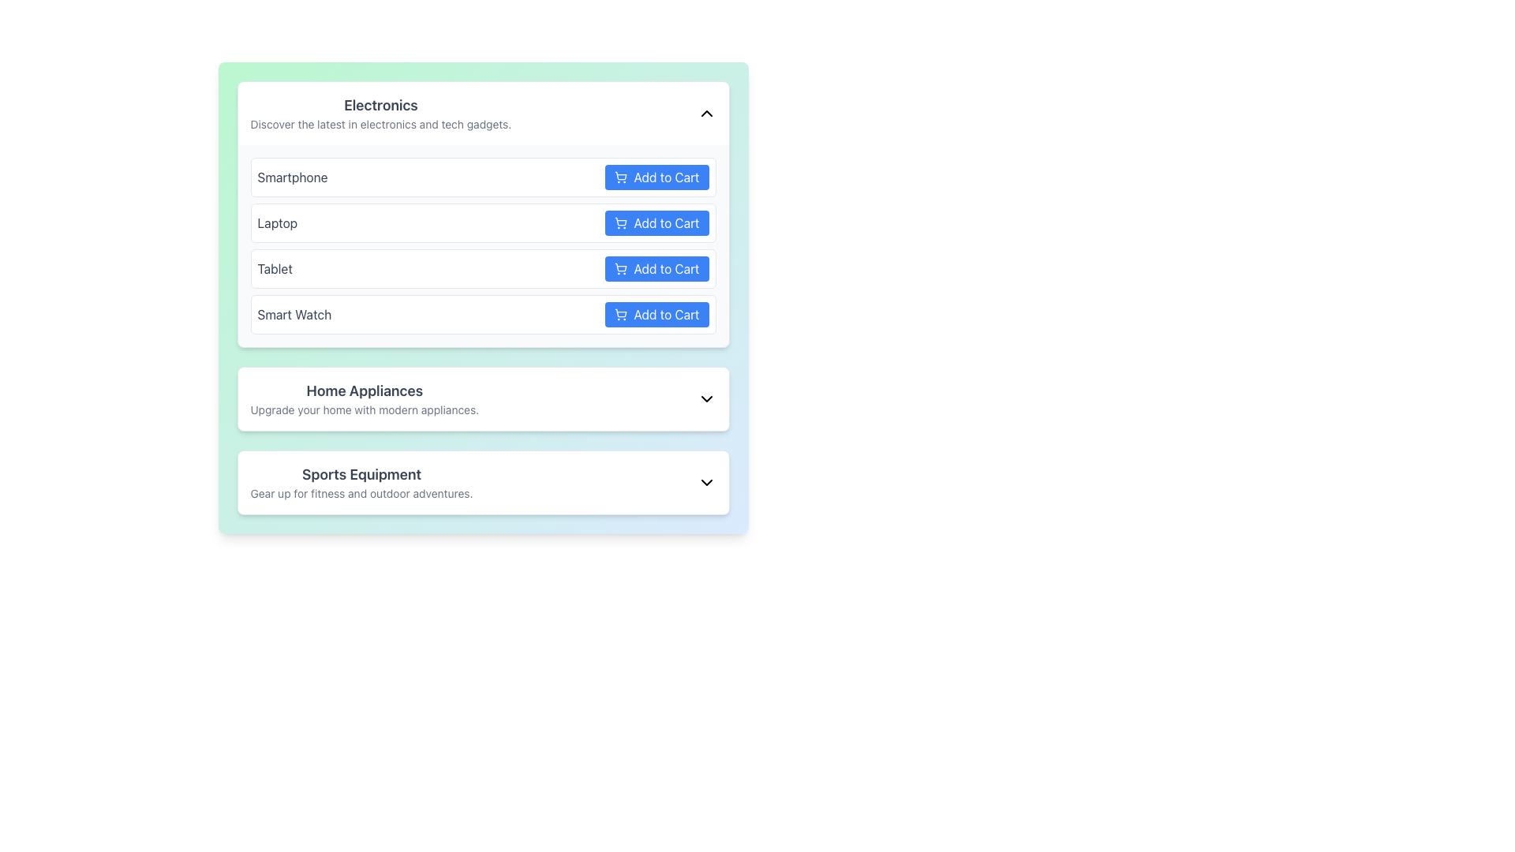 This screenshot has height=852, width=1515. What do you see at coordinates (482, 112) in the screenshot?
I see `the 'Electronics' text label with a toggle icon` at bounding box center [482, 112].